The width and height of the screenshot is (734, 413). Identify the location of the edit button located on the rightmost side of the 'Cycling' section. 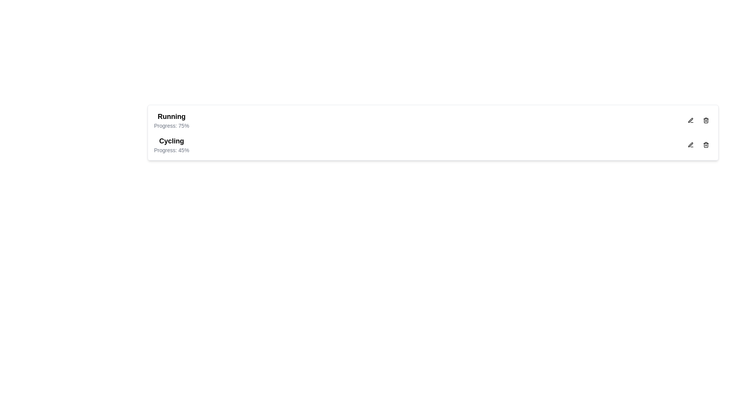
(690, 145).